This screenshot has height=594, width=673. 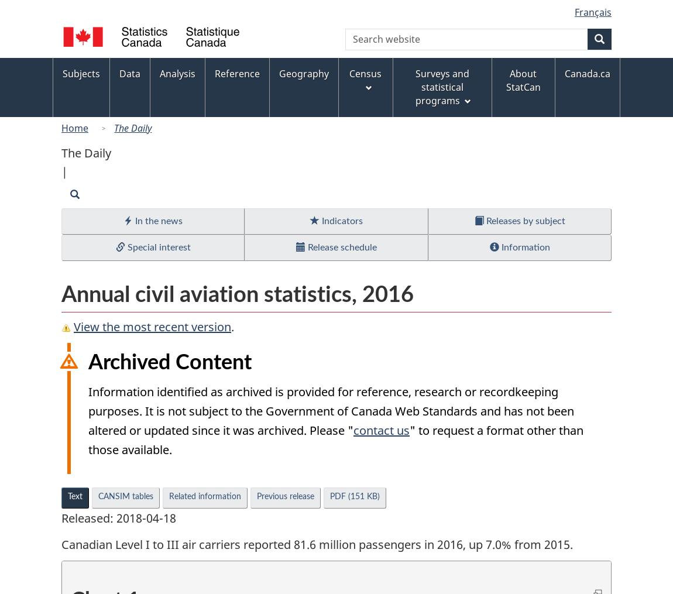 What do you see at coordinates (118, 517) in the screenshot?
I see `'Released: 2018-04-18'` at bounding box center [118, 517].